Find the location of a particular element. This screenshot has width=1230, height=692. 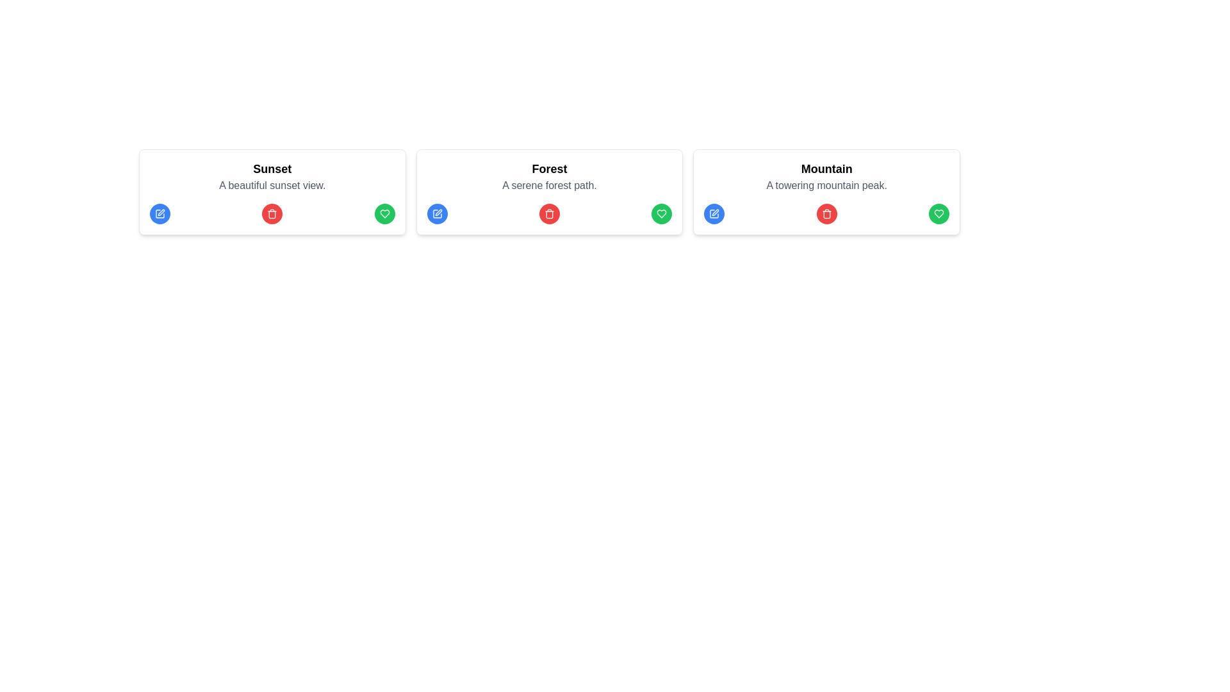

the heart-shaped icon button with a green border located in the 'Forest' section is located at coordinates (384, 213).